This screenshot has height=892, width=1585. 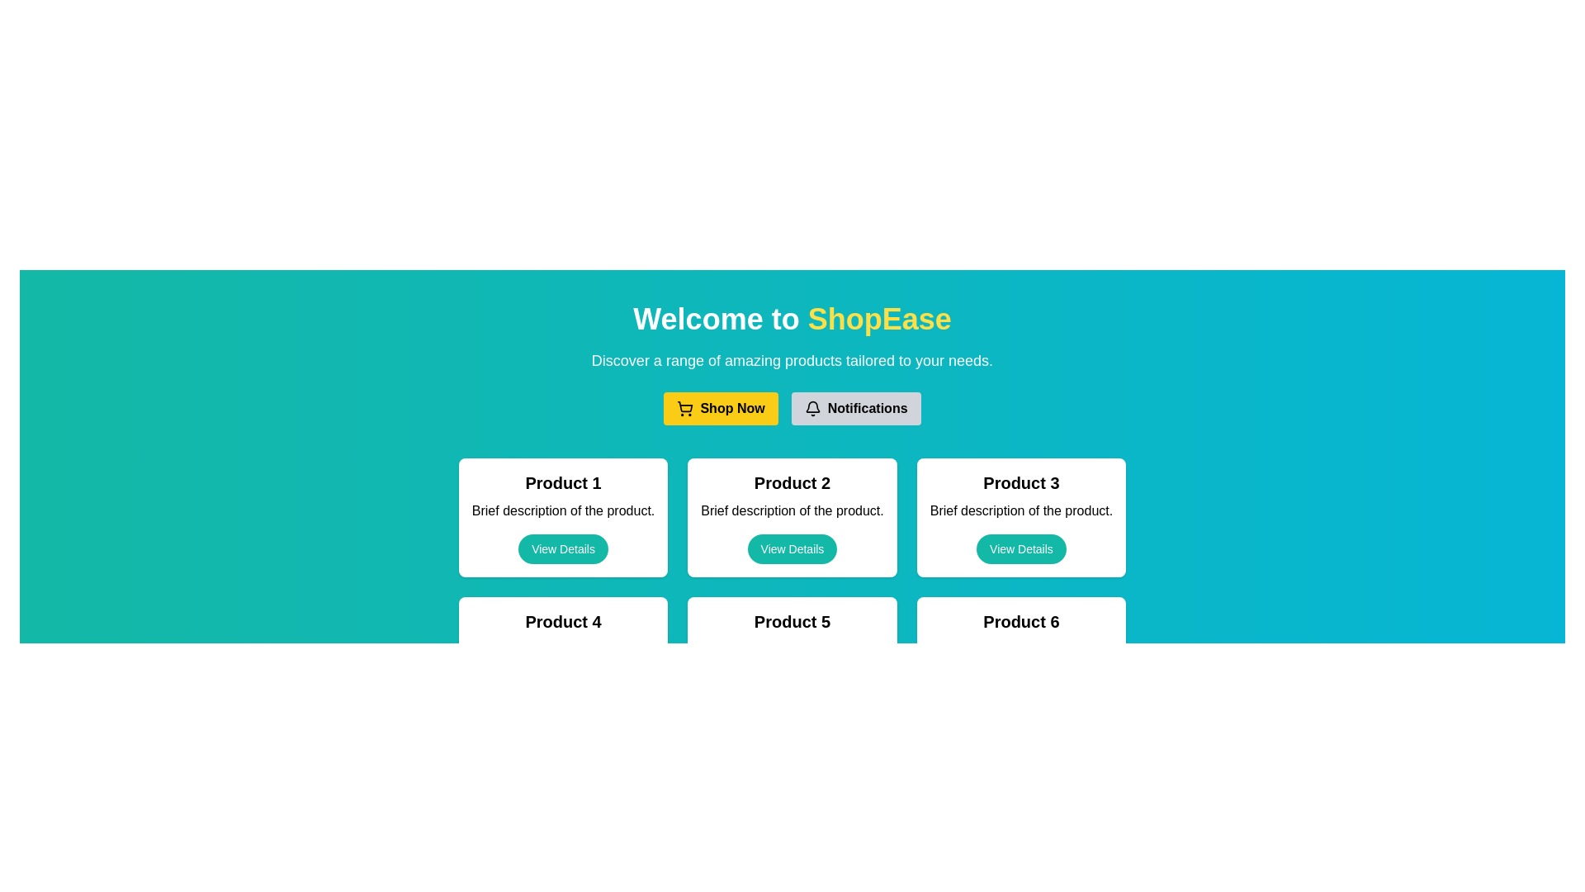 I want to click on the notifications button located to the right of the 'Shop Now' button, so click(x=856, y=408).